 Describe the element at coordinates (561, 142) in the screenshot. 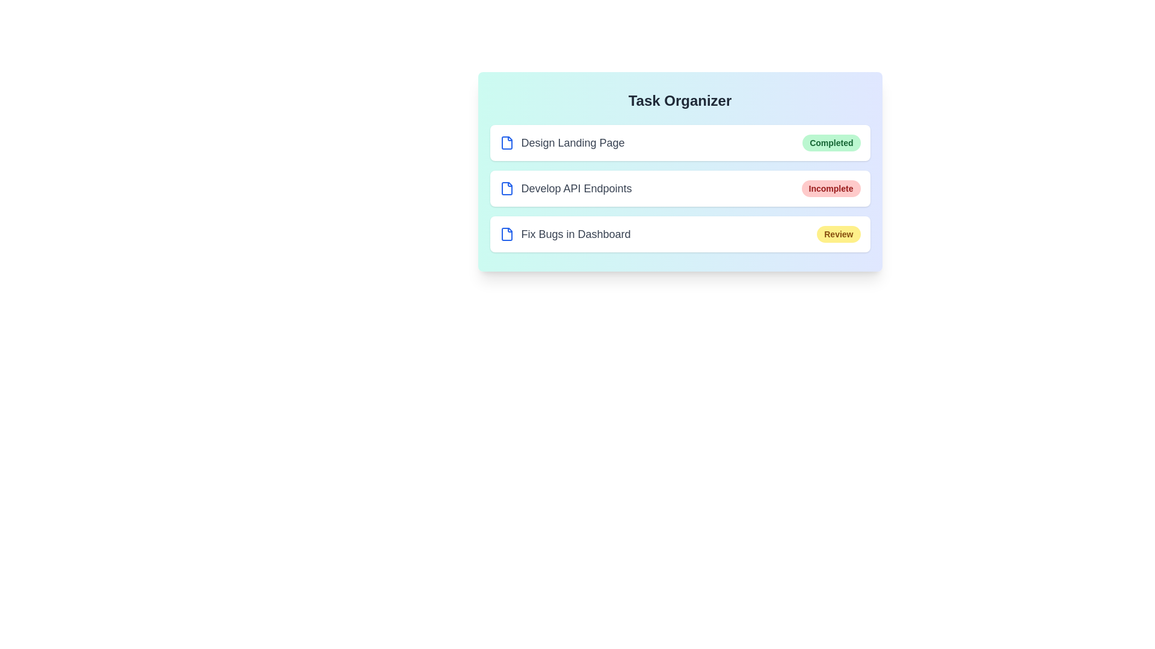

I see `the task name Design Landing Page to interact with it` at that location.